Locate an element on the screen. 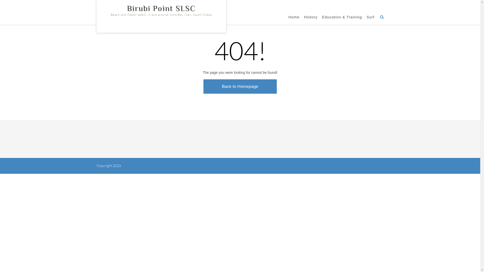 The height and width of the screenshot is (272, 484). 'Birubi Point SLSC' is located at coordinates (161, 9).